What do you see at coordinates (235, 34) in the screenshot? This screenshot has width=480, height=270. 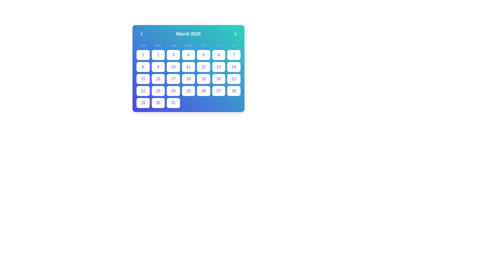 I see `the small rightwards arrow button (icon-based) in the calendar navigation interface` at bounding box center [235, 34].